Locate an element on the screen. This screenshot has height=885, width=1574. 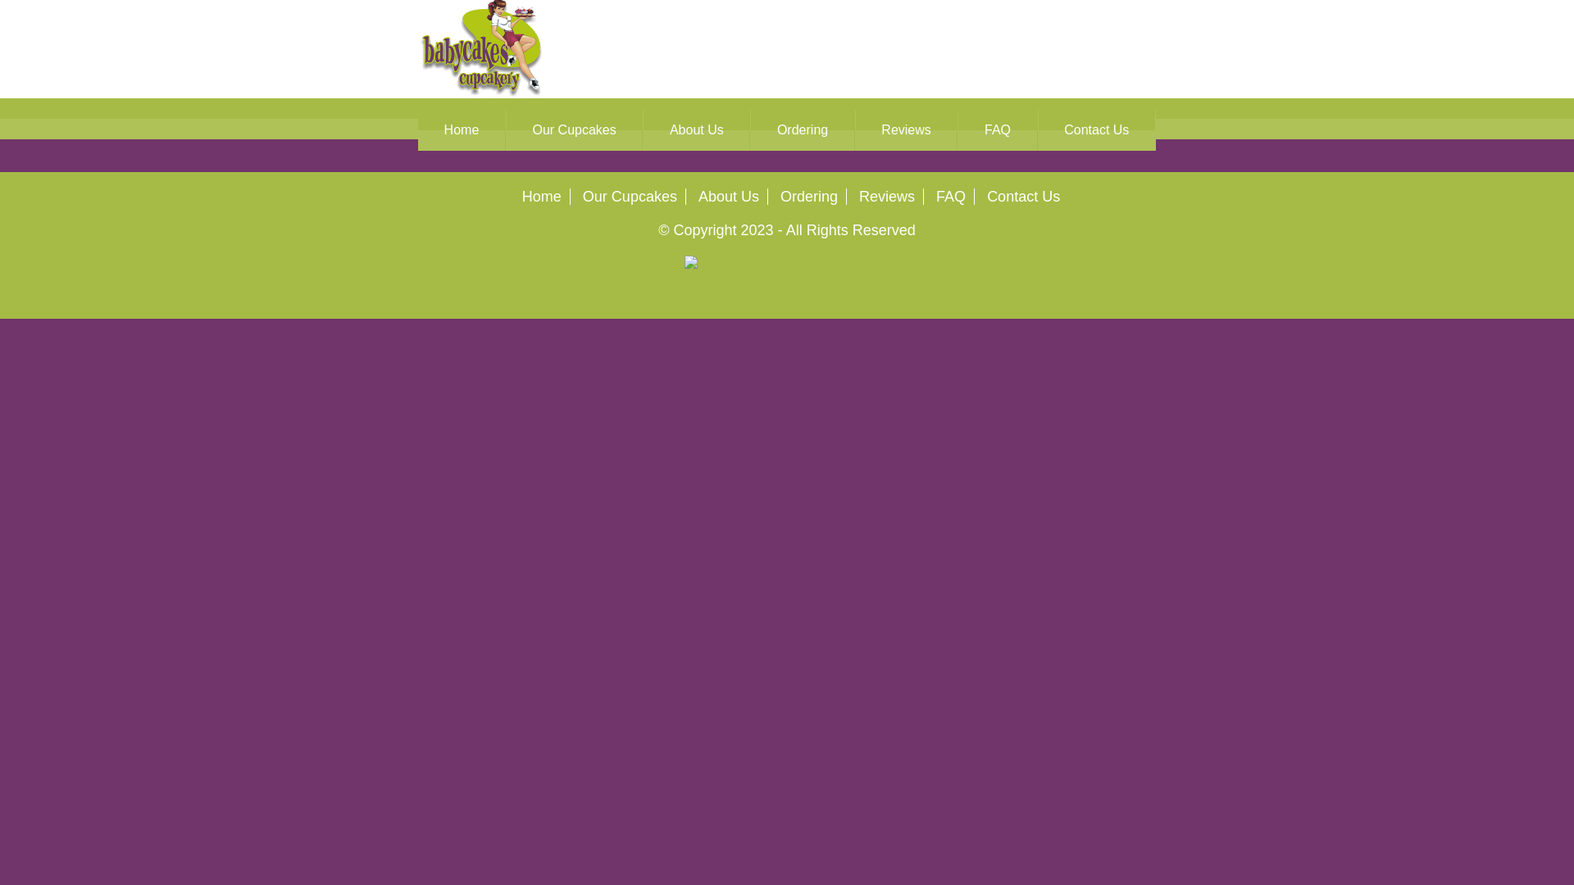
'FAQ' is located at coordinates (996, 129).